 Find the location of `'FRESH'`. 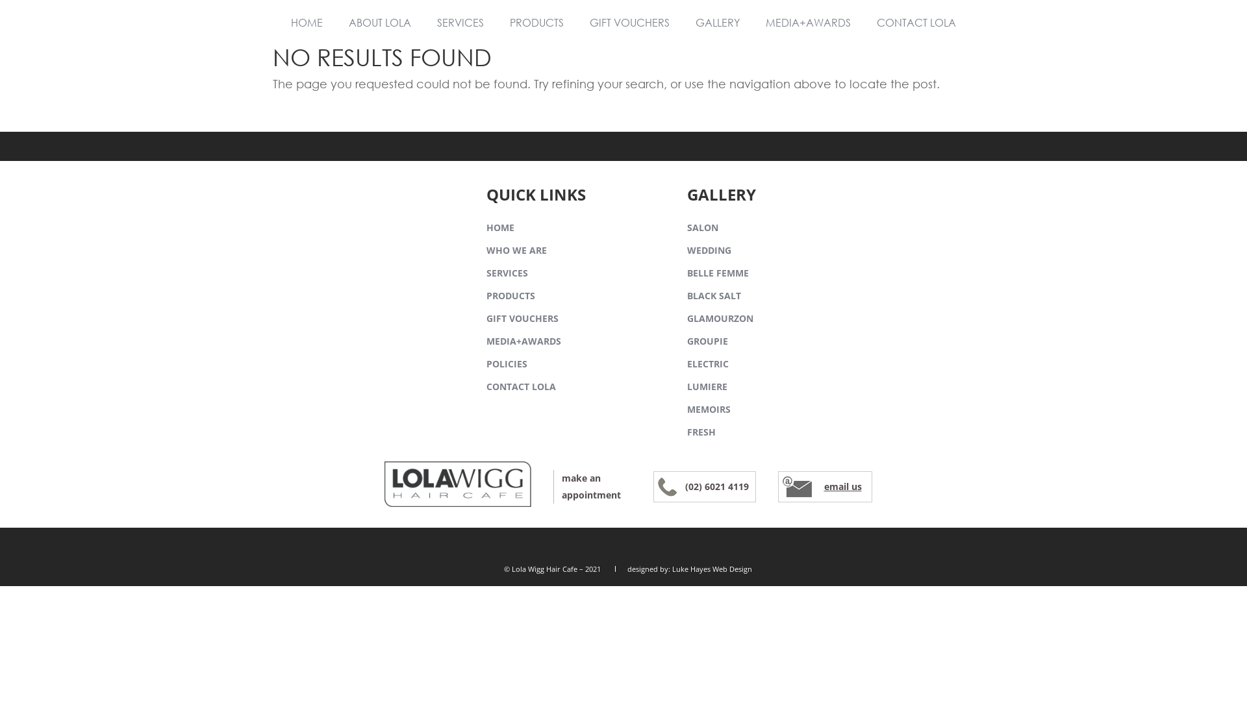

'FRESH' is located at coordinates (701, 433).